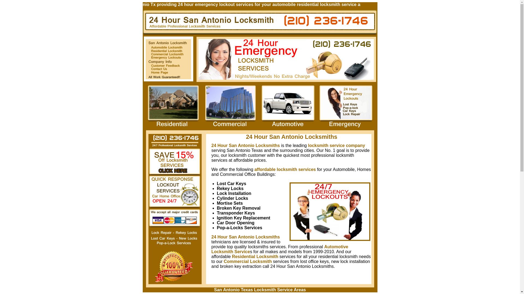 The height and width of the screenshot is (294, 524). I want to click on '24 Hour San Antonio Locksmiths', so click(245, 145).